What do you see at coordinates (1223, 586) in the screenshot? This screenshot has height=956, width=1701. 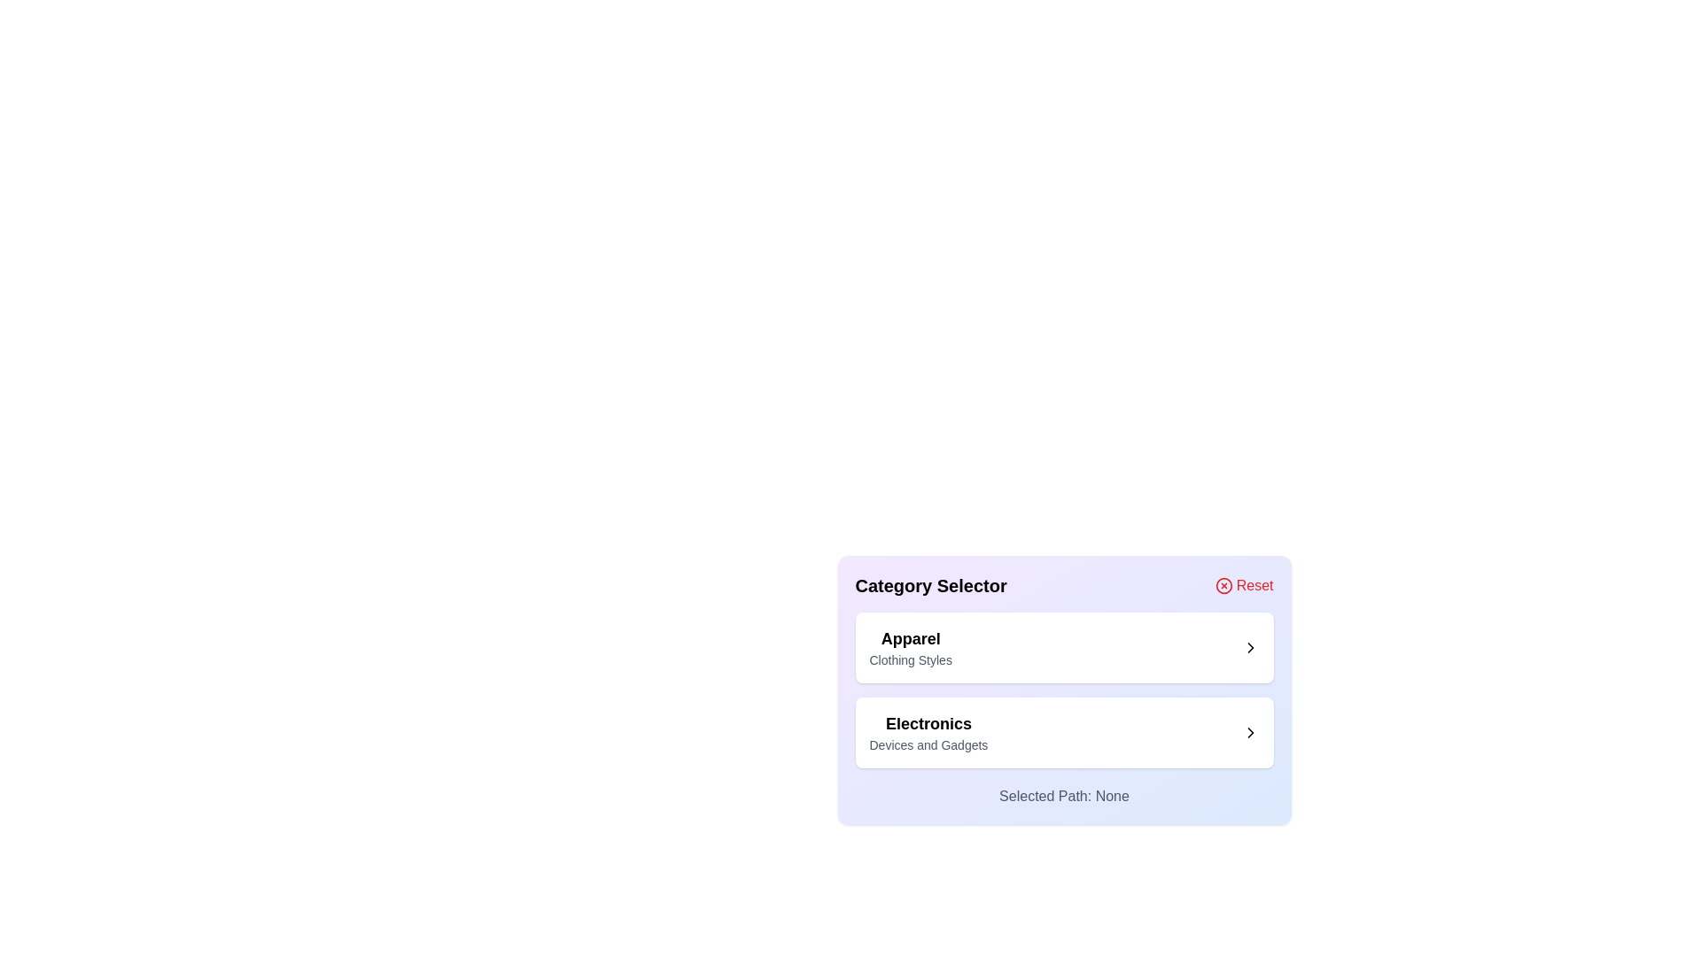 I see `the circular 'X' icon located at the top right corner of the 'Category Selector' interface` at bounding box center [1223, 586].